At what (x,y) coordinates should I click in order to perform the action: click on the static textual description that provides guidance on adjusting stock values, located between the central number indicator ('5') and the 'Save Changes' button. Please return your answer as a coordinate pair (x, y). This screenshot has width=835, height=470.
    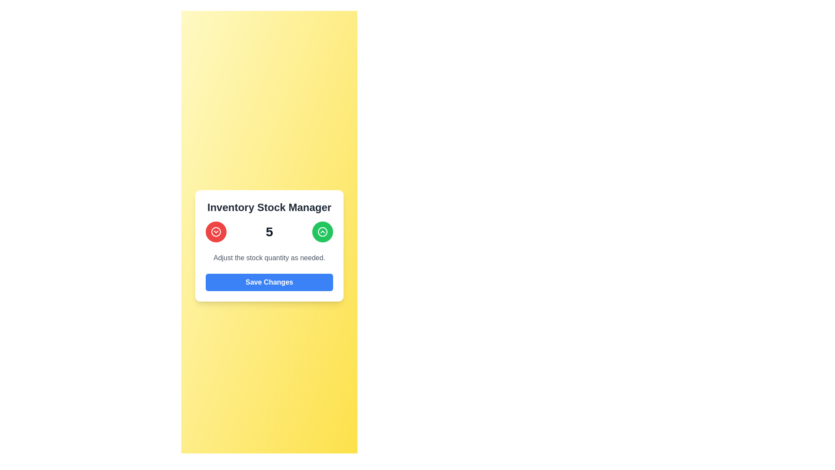
    Looking at the image, I should click on (269, 258).